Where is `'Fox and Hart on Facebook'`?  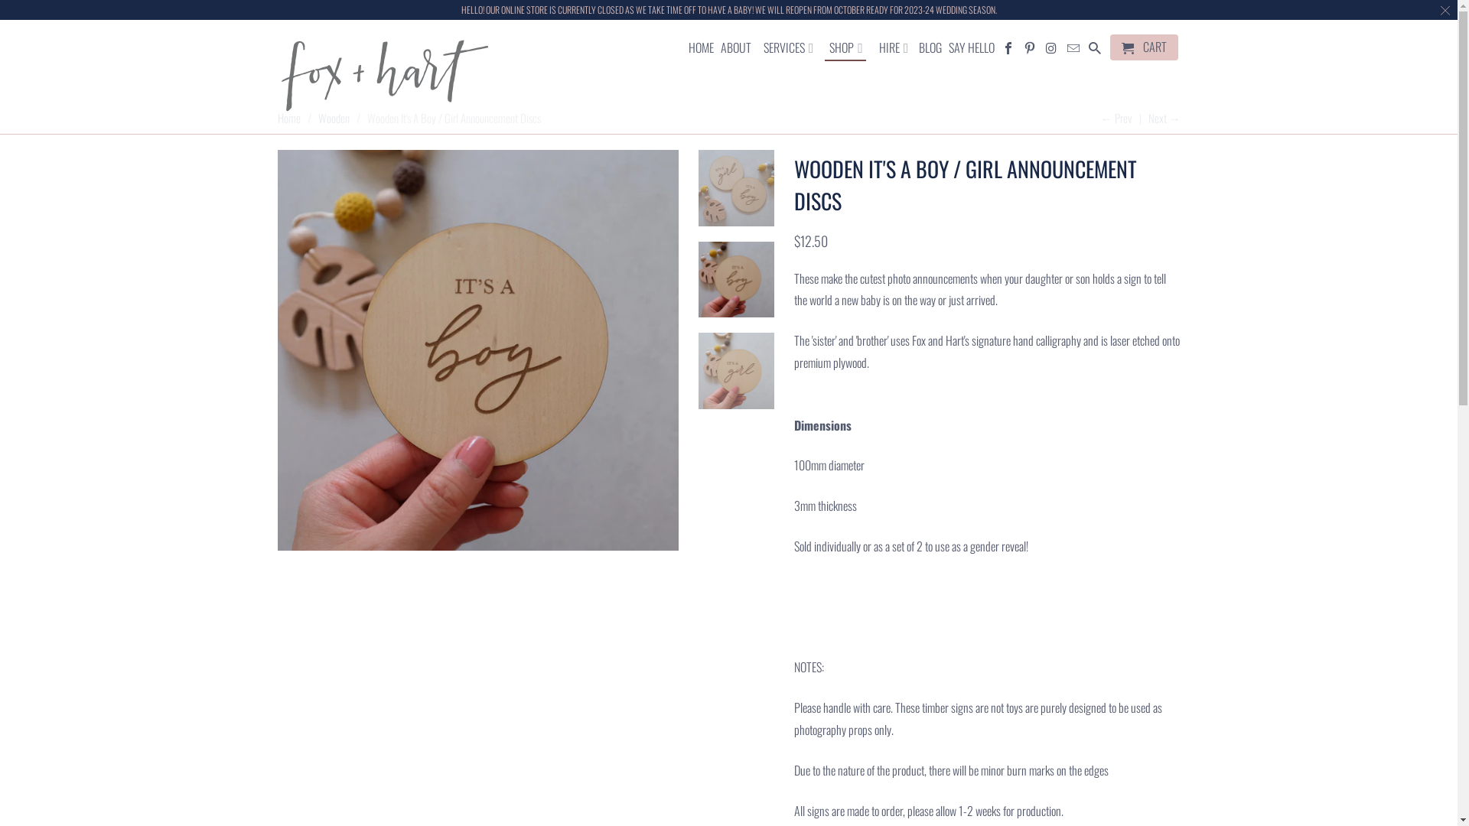 'Fox and Hart on Facebook' is located at coordinates (1008, 49).